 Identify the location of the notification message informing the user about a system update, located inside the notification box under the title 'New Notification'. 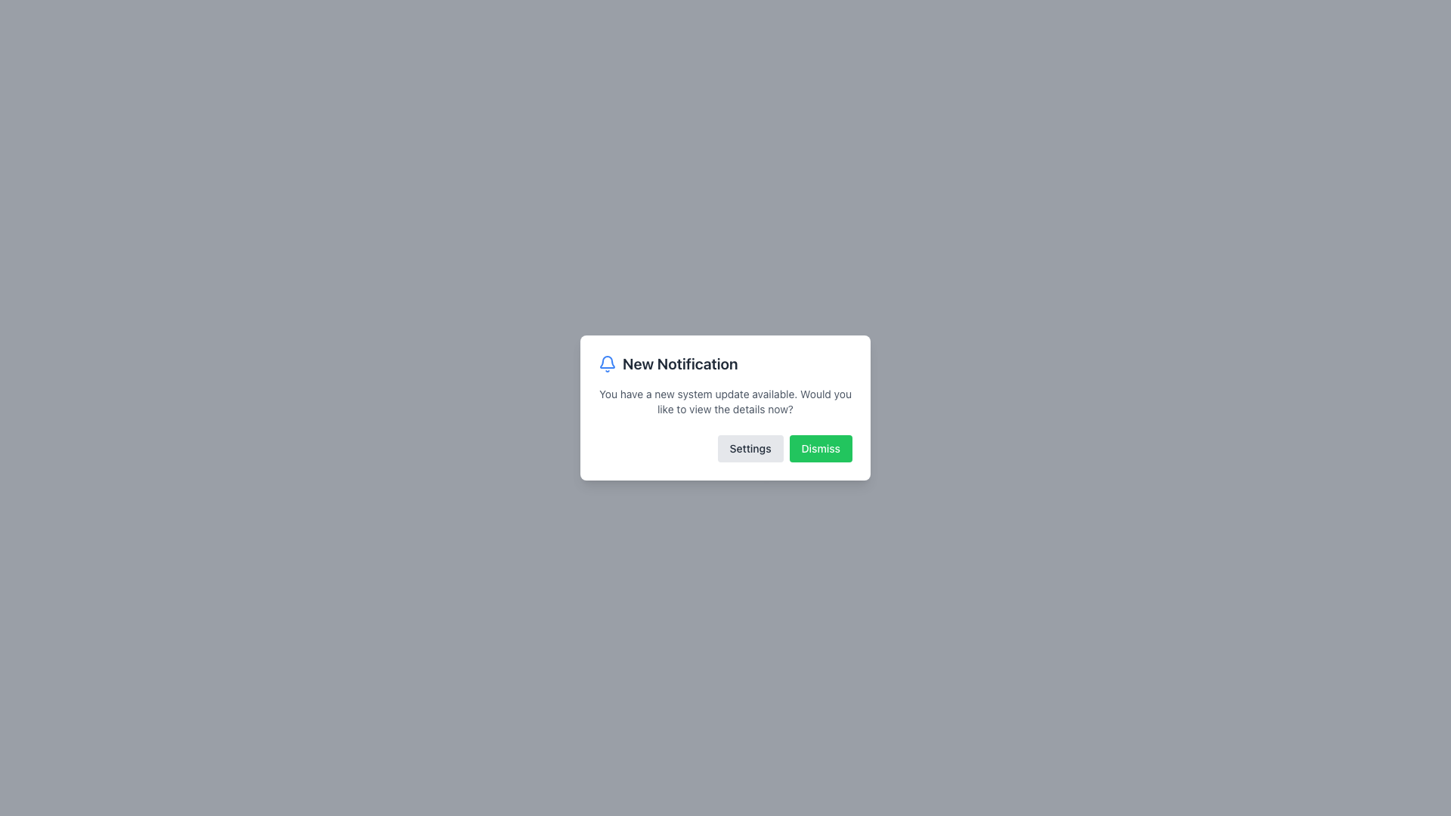
(725, 401).